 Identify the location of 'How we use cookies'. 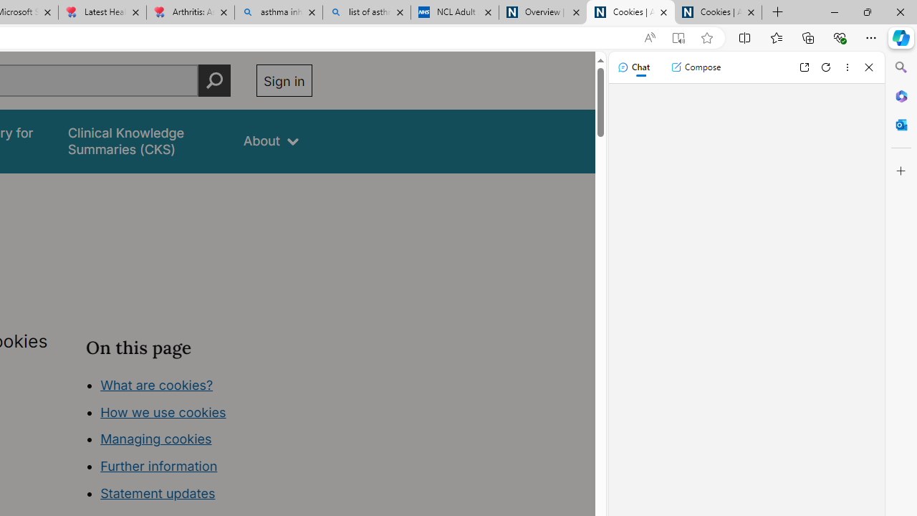
(163, 411).